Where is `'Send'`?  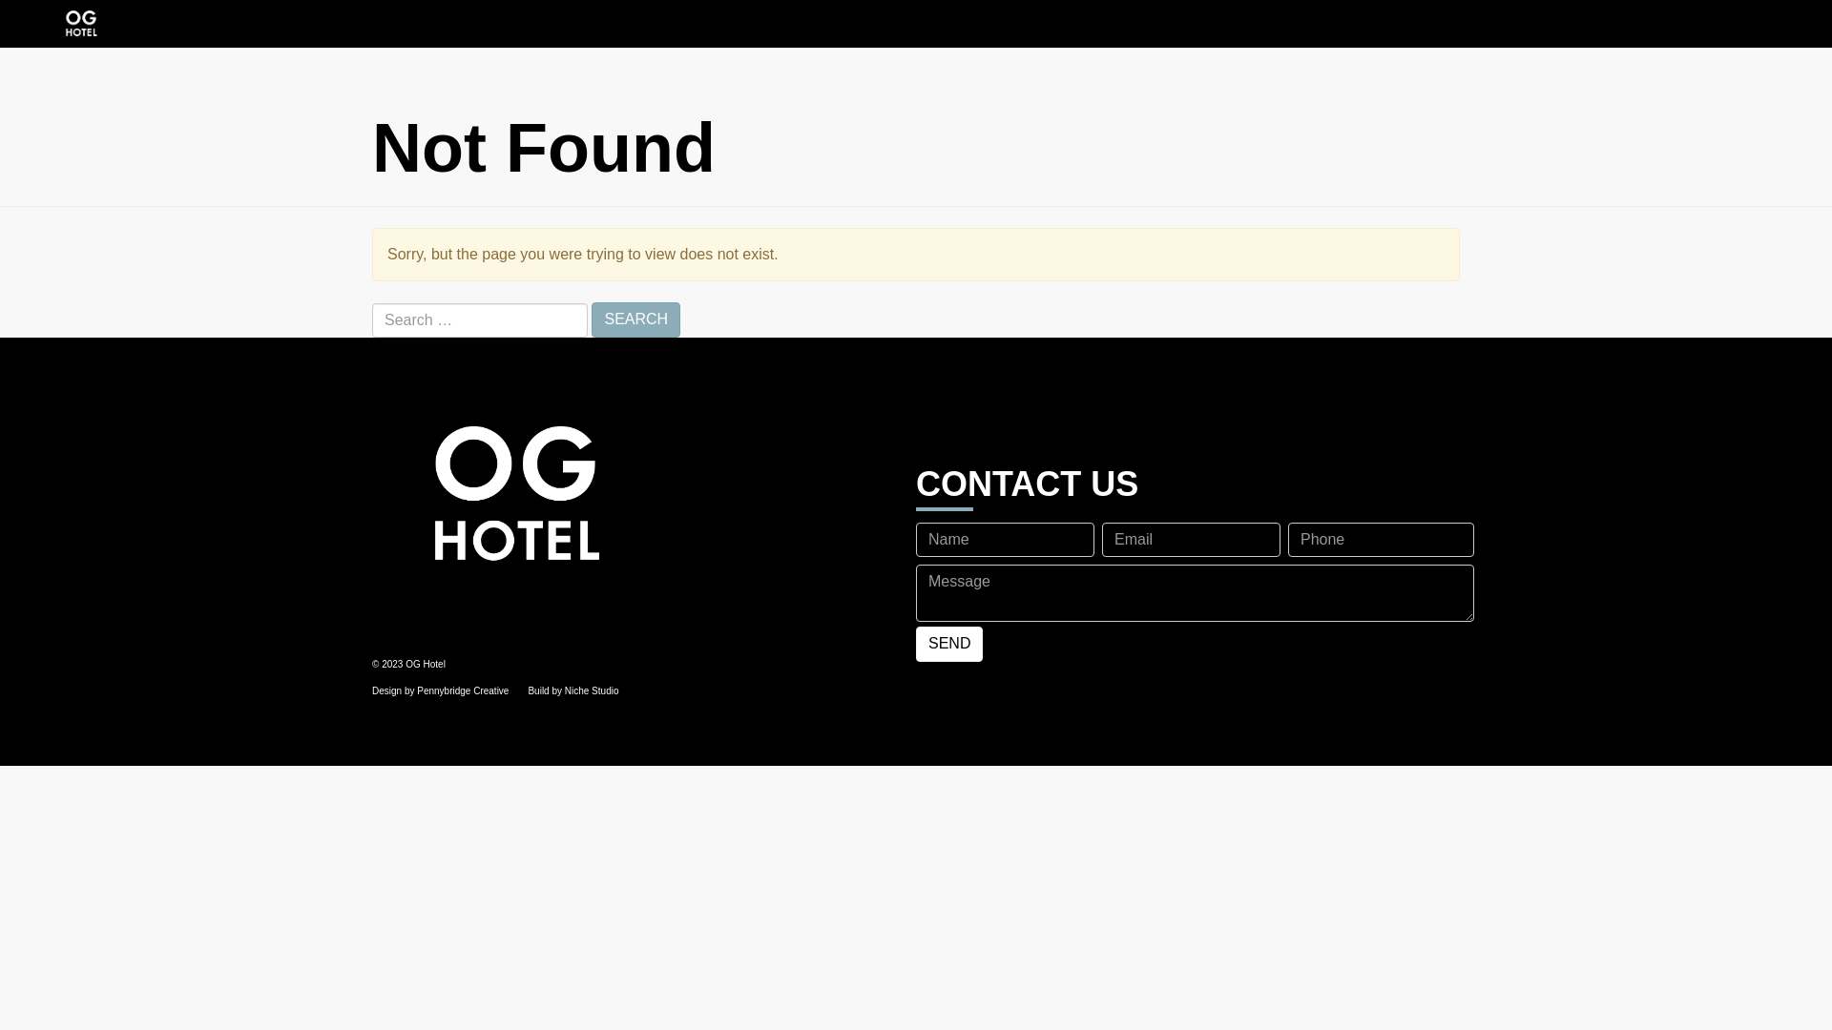 'Send' is located at coordinates (948, 644).